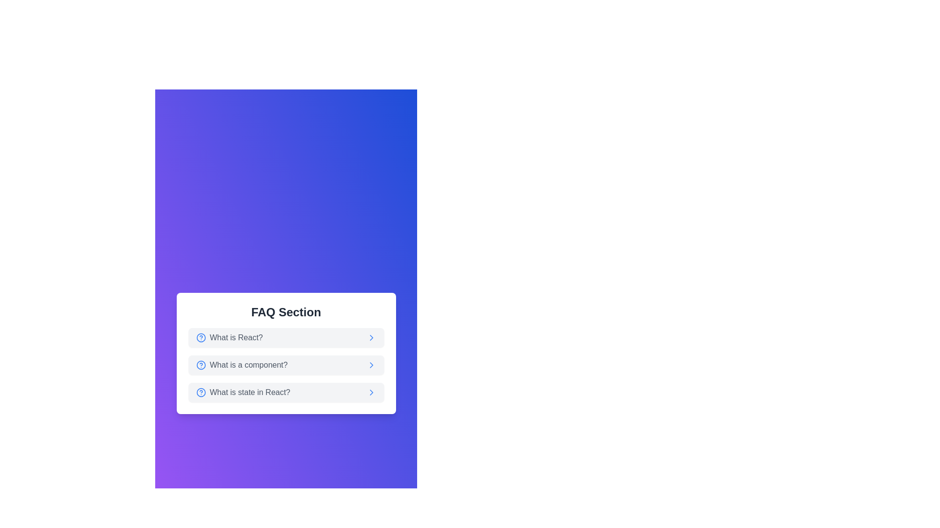 The width and height of the screenshot is (940, 528). I want to click on the chevron icon located at the far-right end of the second row of the FAQ list, so click(371, 365).